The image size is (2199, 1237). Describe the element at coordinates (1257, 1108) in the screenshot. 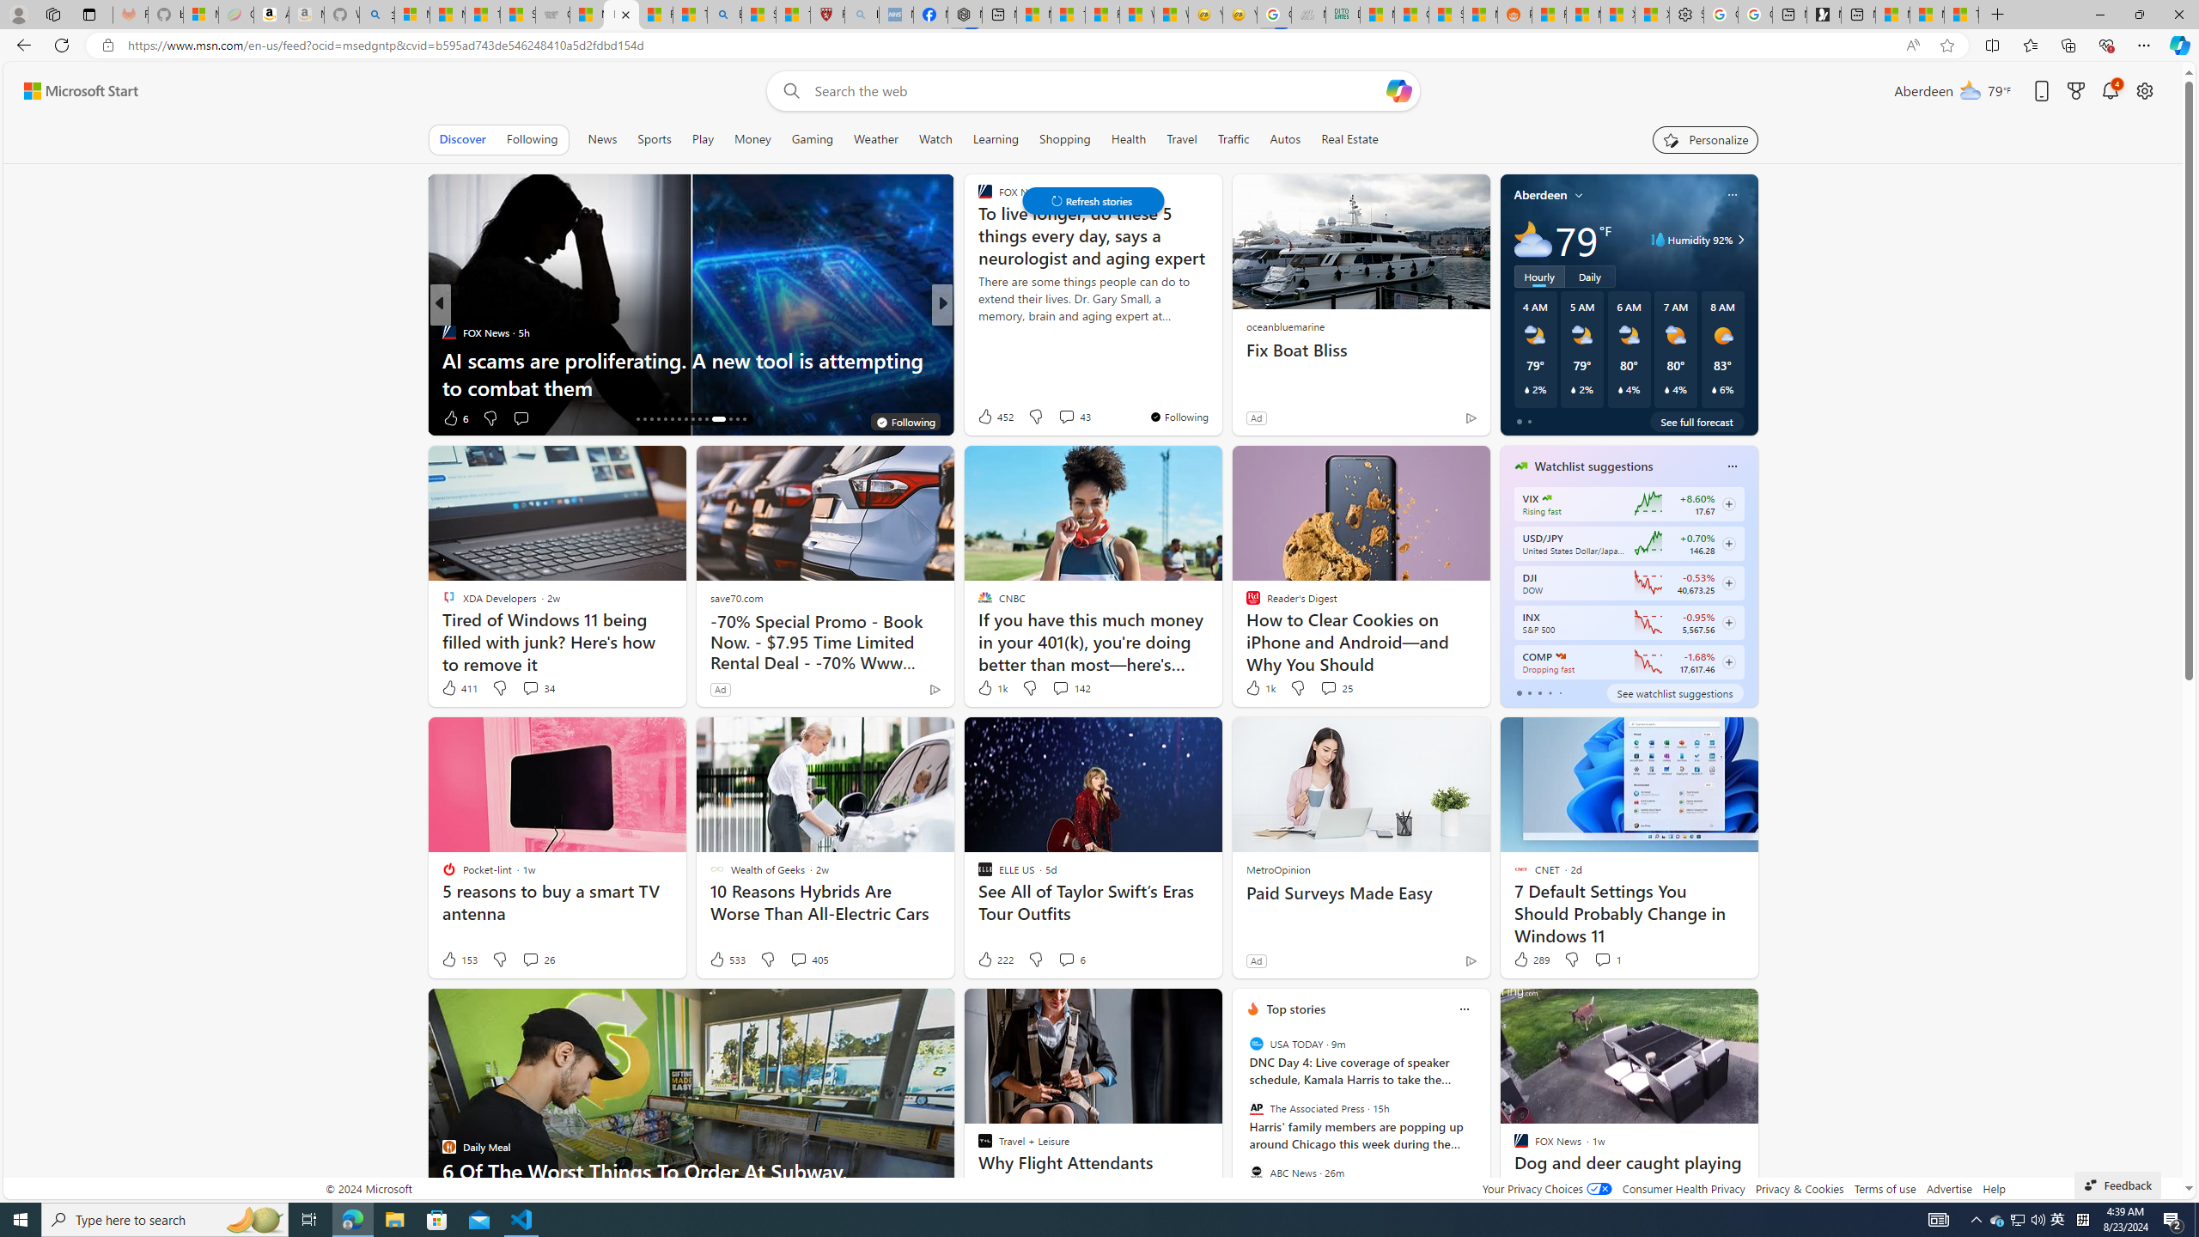

I see `'The Associated Press'` at that location.